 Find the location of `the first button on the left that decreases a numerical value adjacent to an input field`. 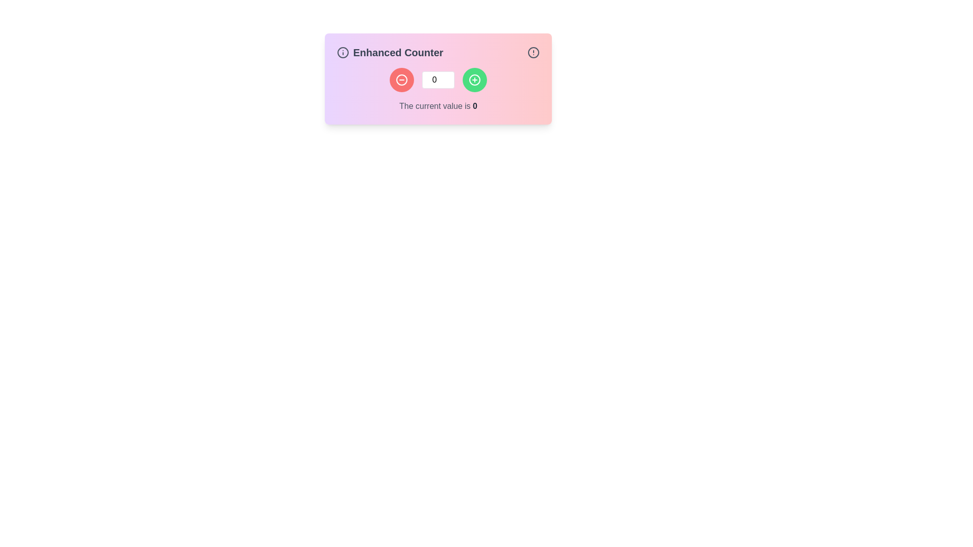

the first button on the left that decreases a numerical value adjacent to an input field is located at coordinates (401, 80).